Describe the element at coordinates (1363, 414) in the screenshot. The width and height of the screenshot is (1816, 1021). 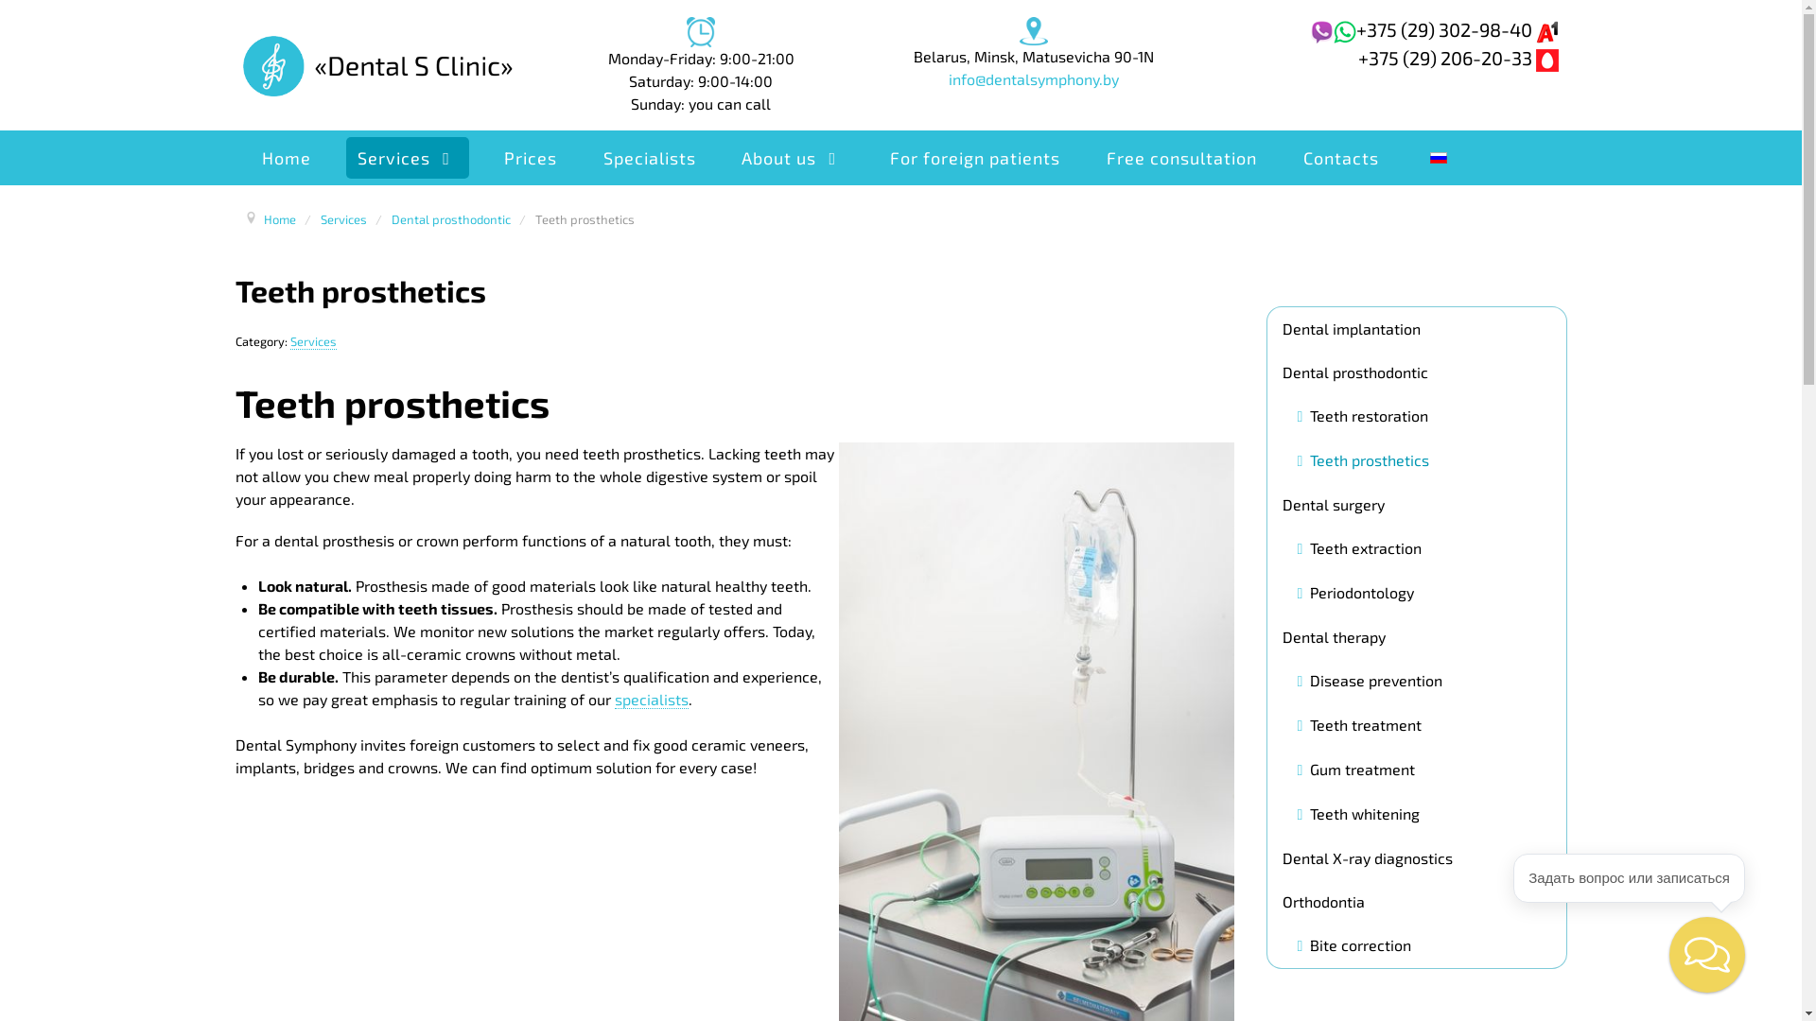
I see `'Teeth restoration'` at that location.